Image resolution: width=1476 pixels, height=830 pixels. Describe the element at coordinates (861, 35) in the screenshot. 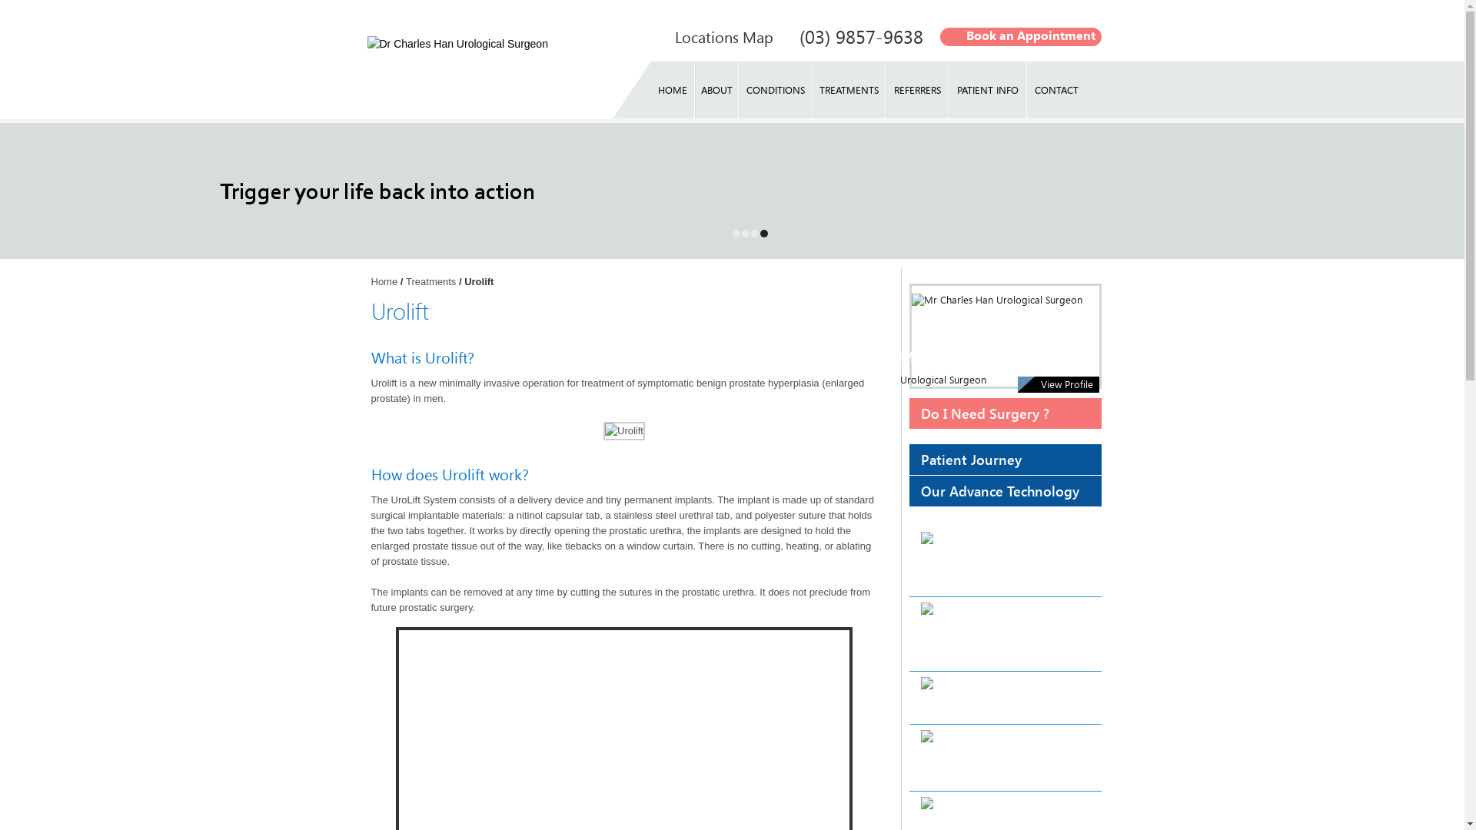

I see `'(03) 9857-9638'` at that location.